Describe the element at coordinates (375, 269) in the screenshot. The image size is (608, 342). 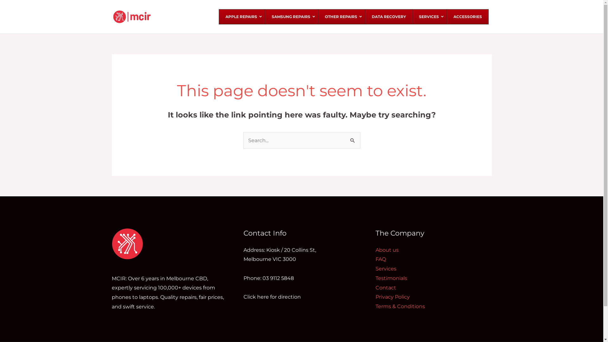
I see `'Services'` at that location.